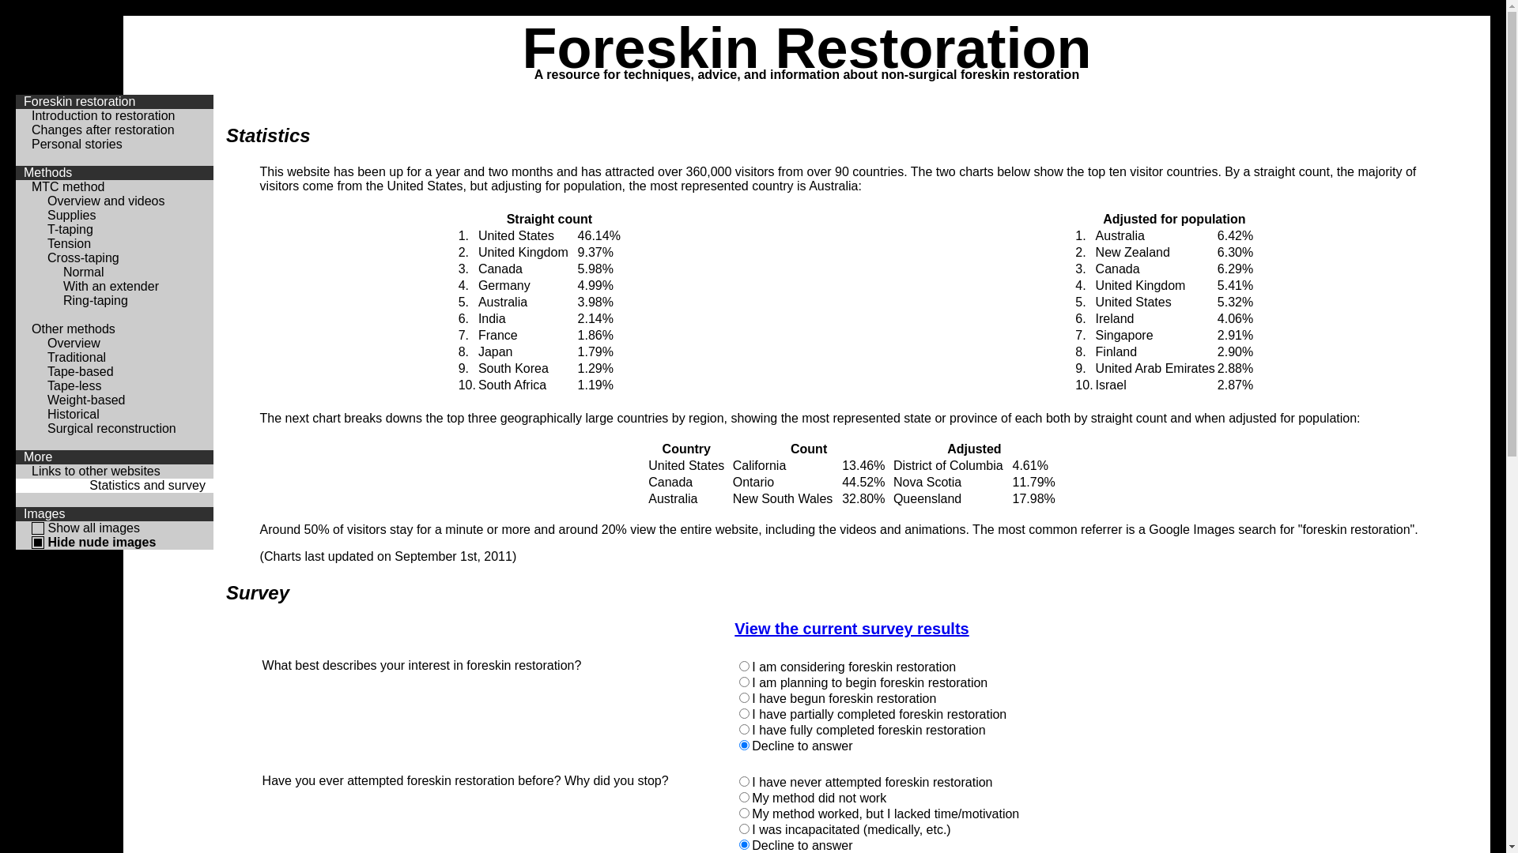 This screenshot has height=853, width=1518. I want to click on 'With an extender', so click(110, 286).